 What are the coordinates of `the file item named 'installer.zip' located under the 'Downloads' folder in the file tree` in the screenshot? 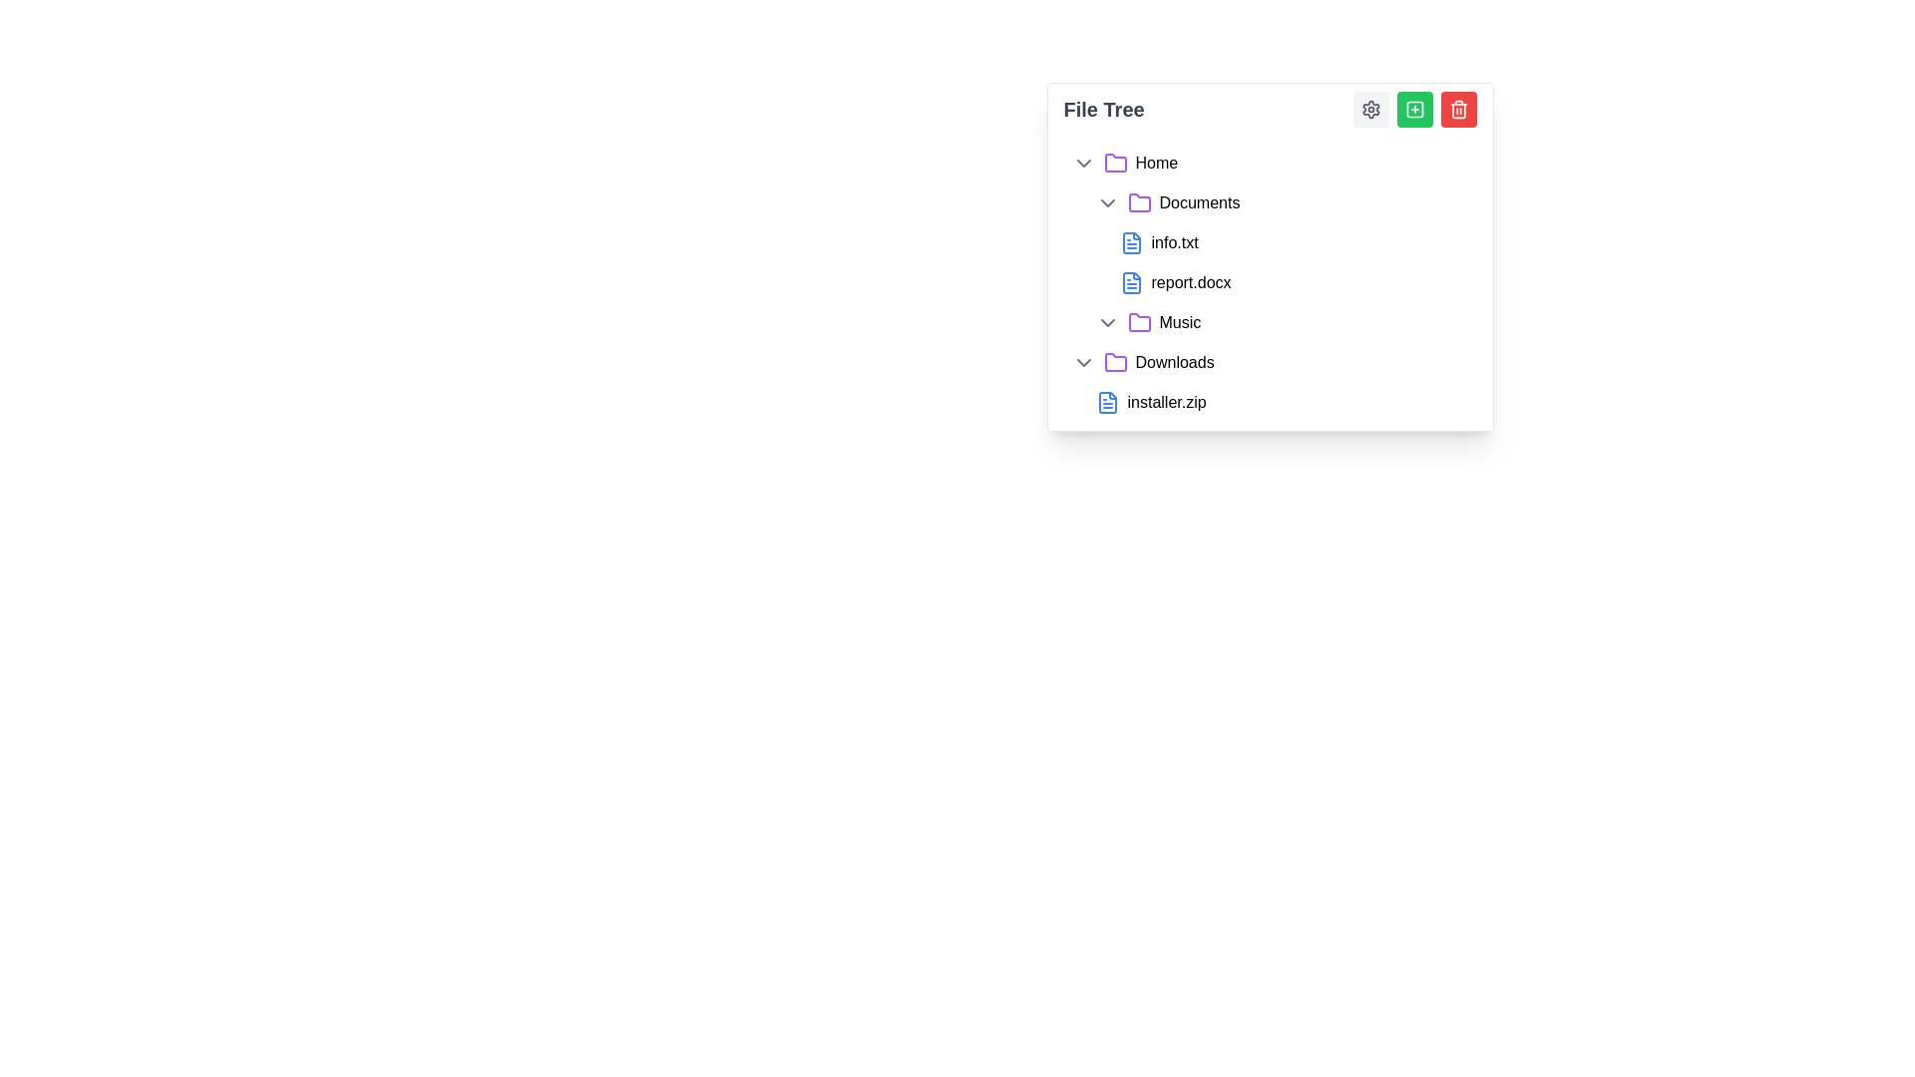 It's located at (1282, 403).